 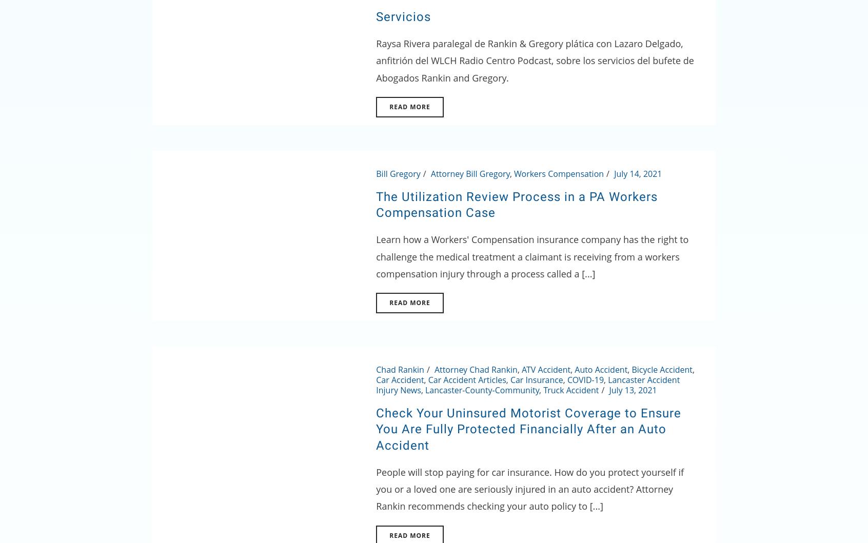 I want to click on 'Servicios', so click(x=403, y=16).